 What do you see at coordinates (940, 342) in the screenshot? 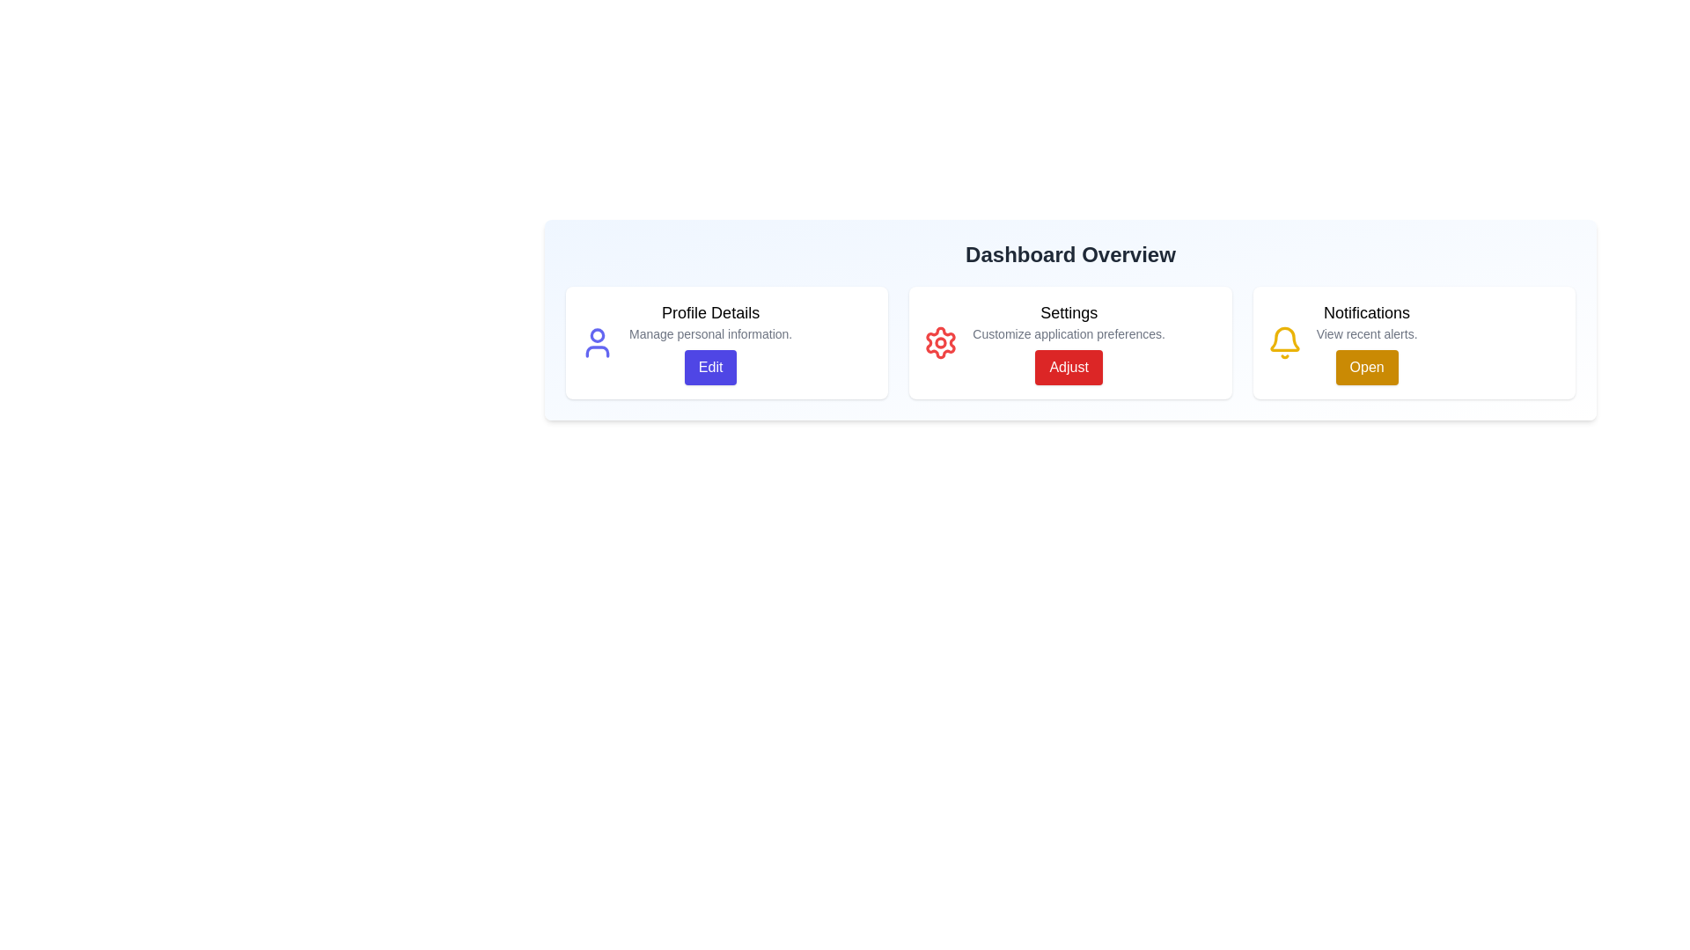
I see `the decorative SVG graphic (circle within the cogwheel icon) located in the center of the 'Settings' card on the dashboard` at bounding box center [940, 342].